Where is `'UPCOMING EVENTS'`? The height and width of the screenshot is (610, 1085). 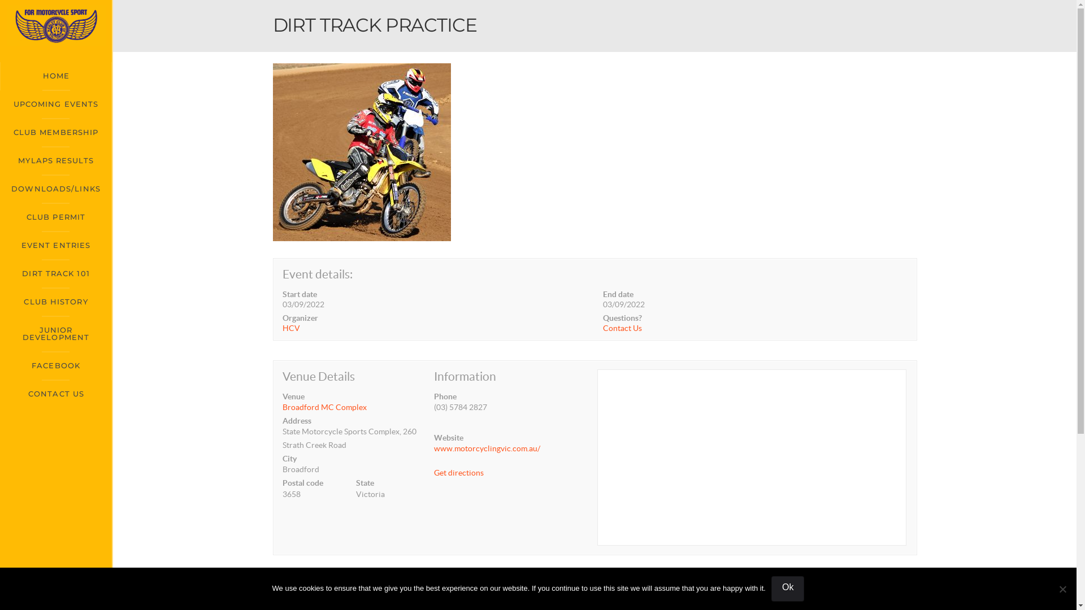
'UPCOMING EVENTS' is located at coordinates (55, 104).